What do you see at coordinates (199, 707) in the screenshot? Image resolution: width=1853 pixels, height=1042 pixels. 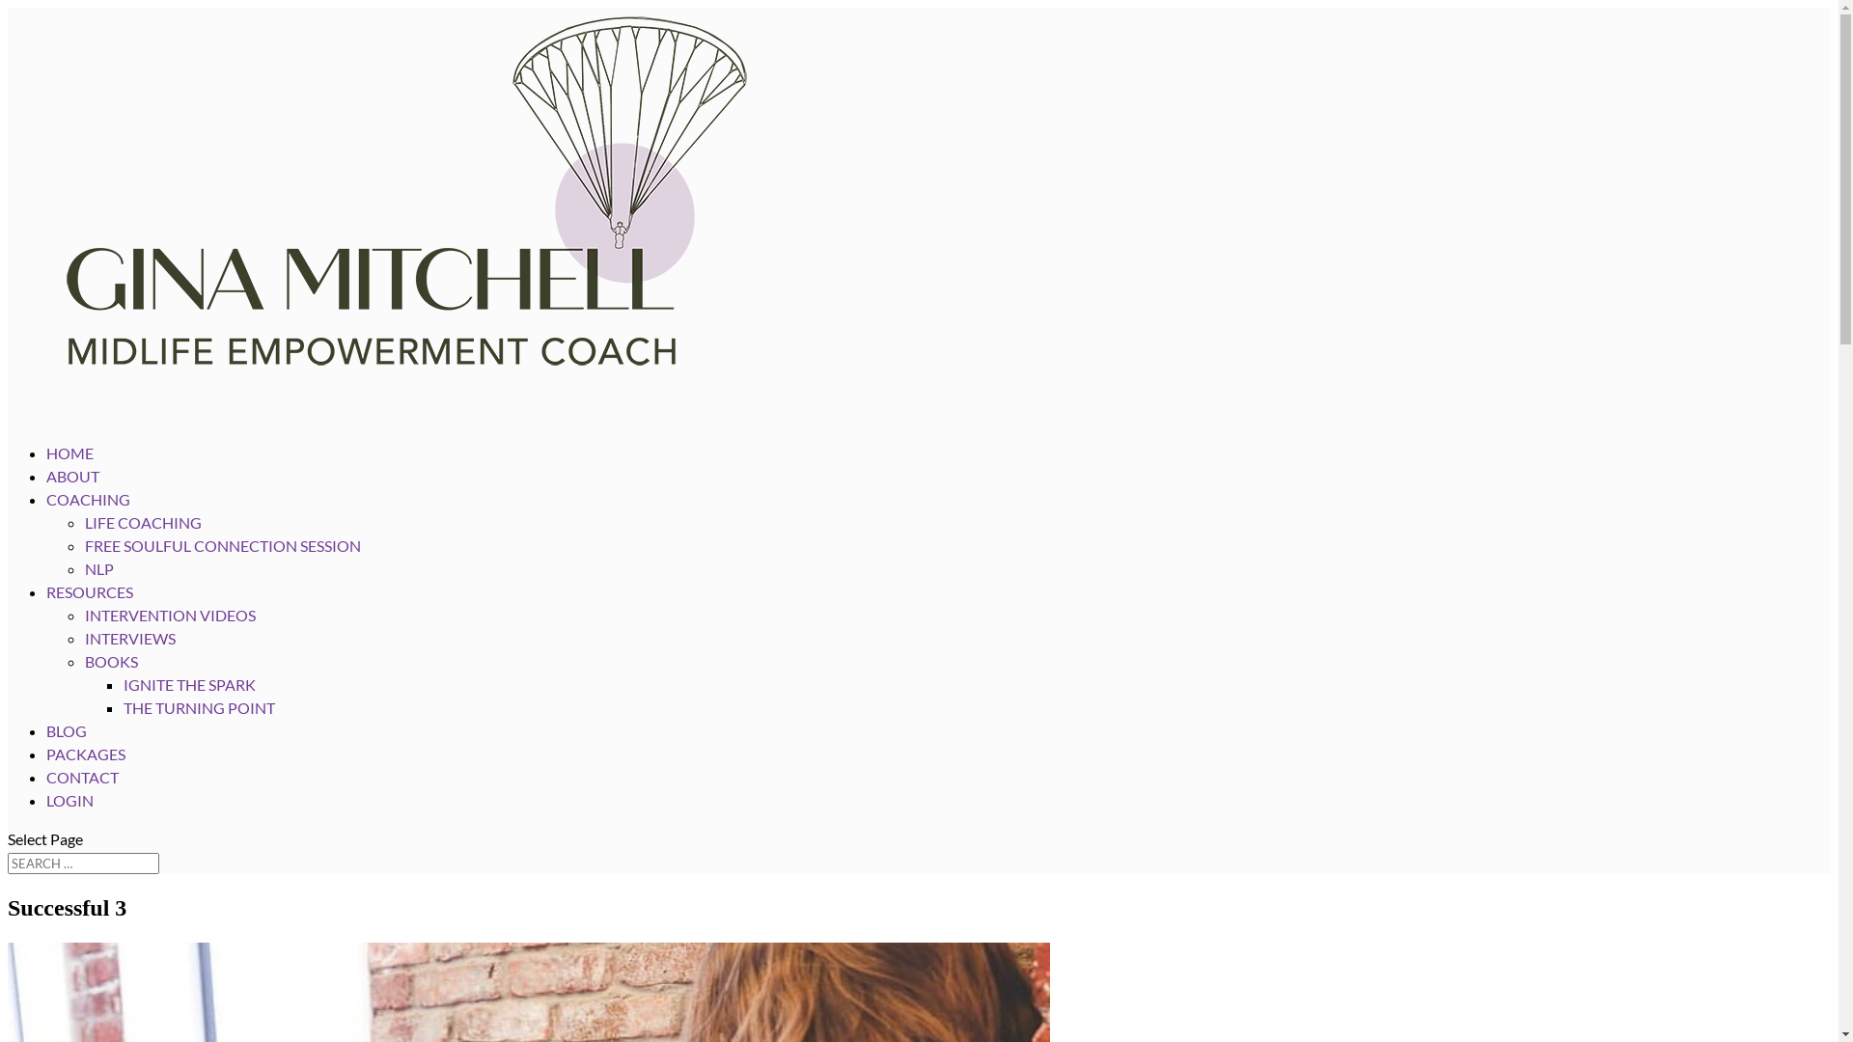 I see `'THE TURNING POINT'` at bounding box center [199, 707].